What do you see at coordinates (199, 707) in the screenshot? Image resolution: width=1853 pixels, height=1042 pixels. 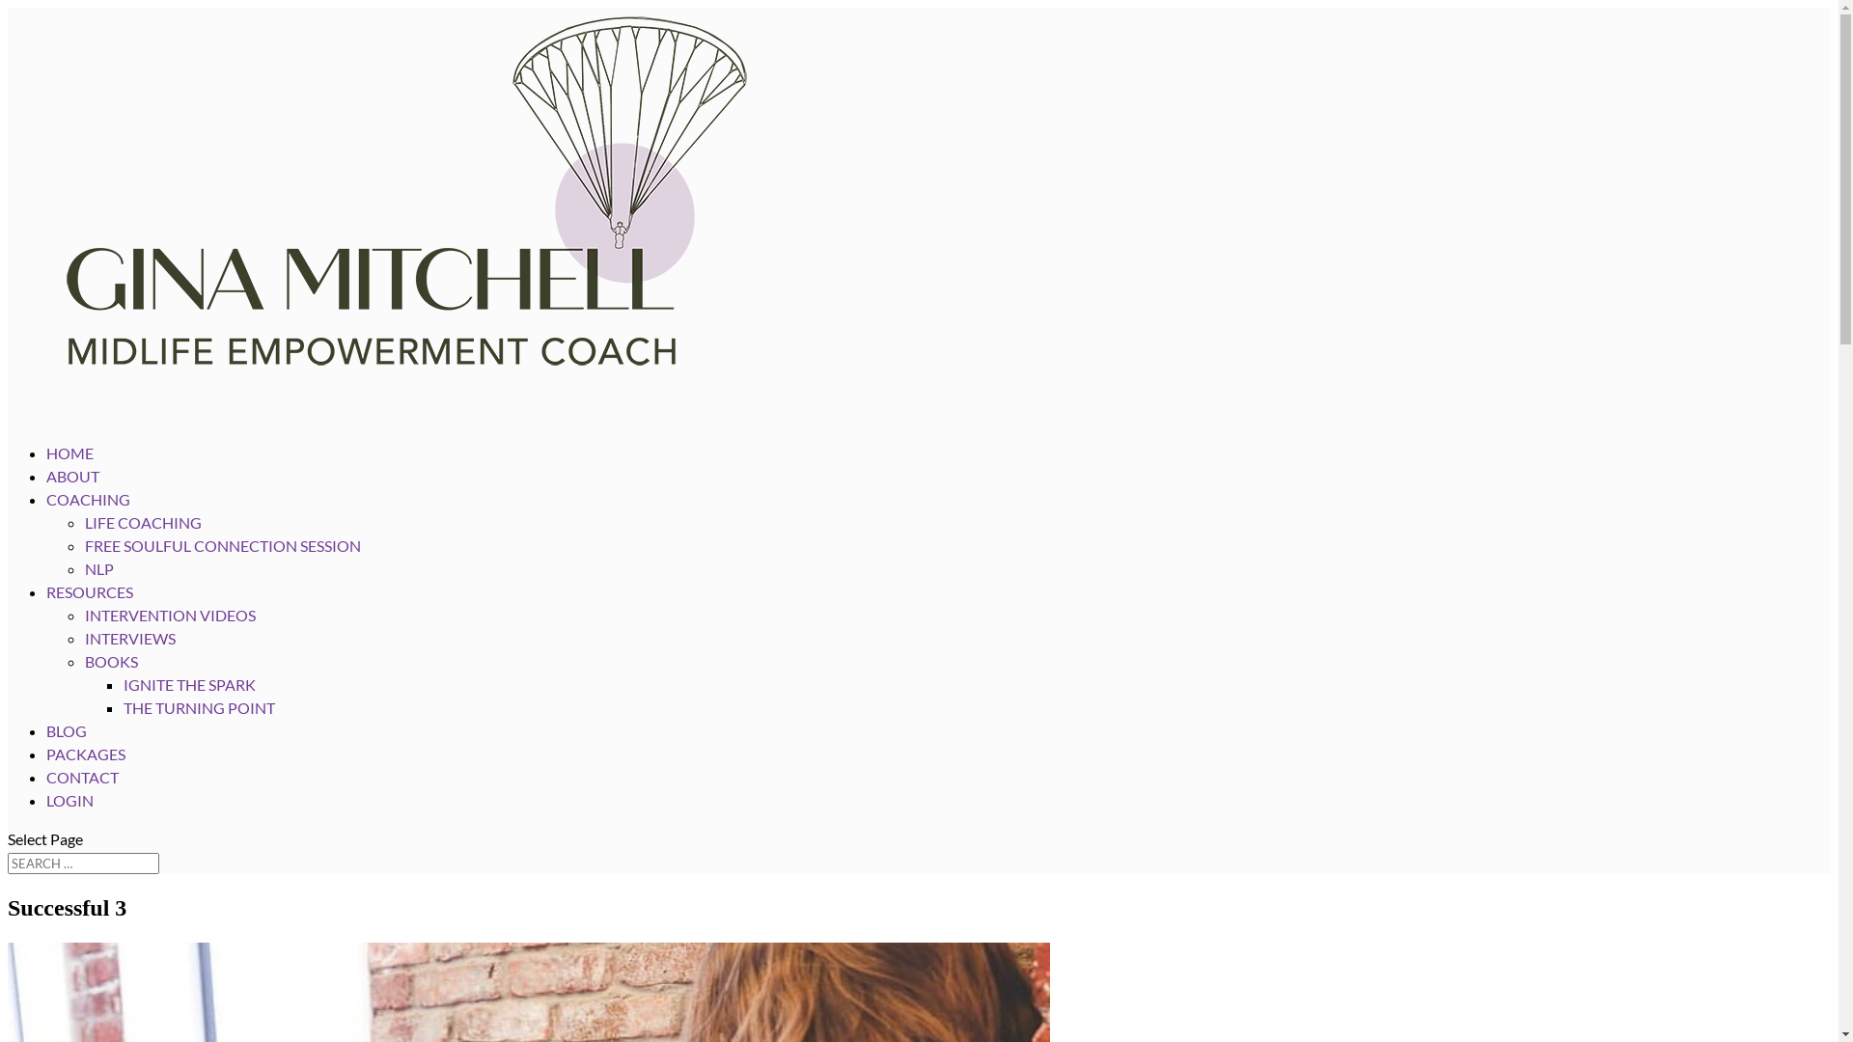 I see `'THE TURNING POINT'` at bounding box center [199, 707].